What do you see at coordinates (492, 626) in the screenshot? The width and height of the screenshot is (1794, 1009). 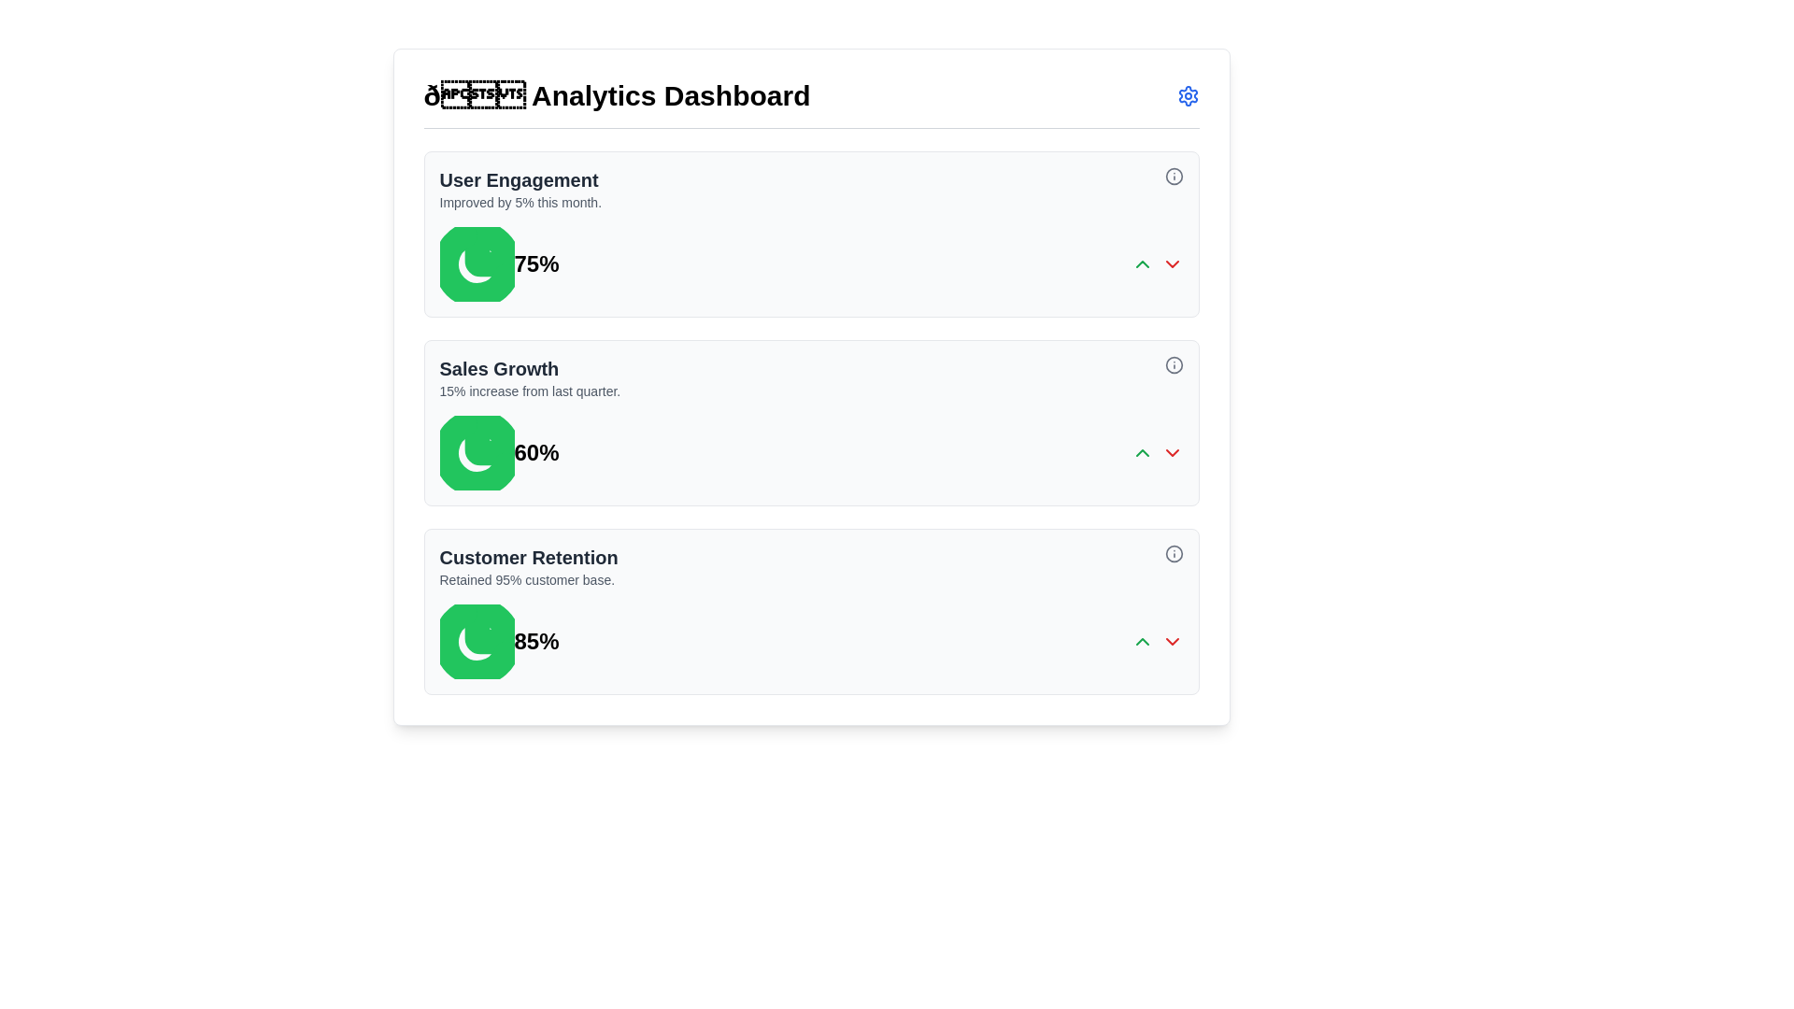 I see `the green pie chart segment representing the 'Customer Retention' metric in the third card on the dashboard` at bounding box center [492, 626].